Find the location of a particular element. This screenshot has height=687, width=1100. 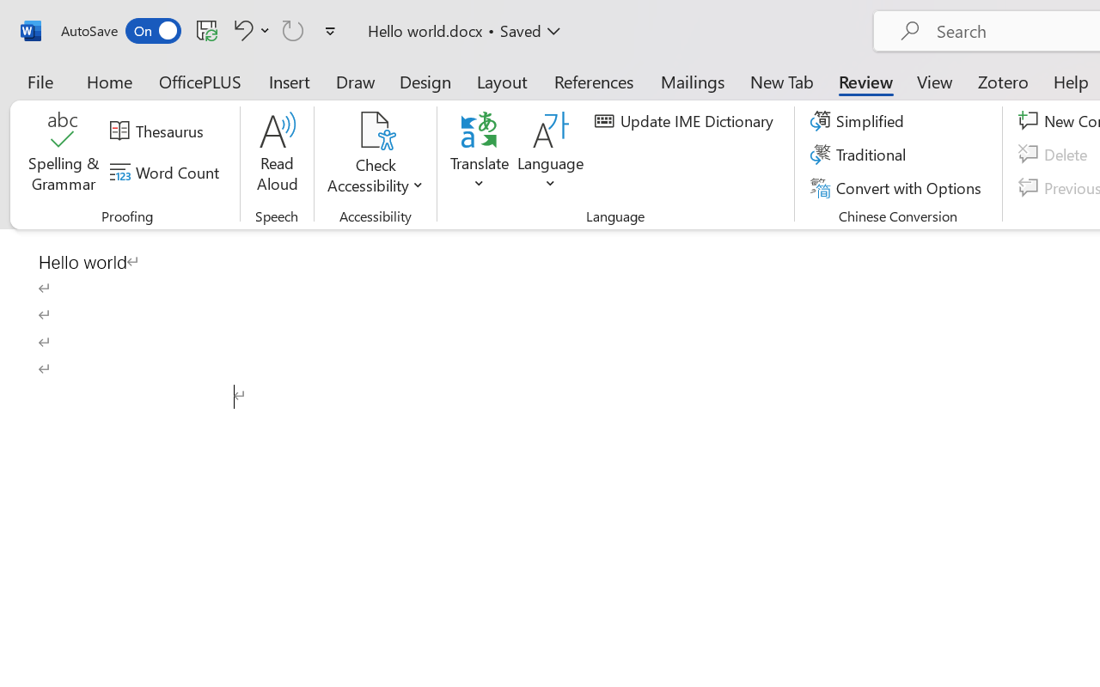

'Zotero' is located at coordinates (1003, 81).